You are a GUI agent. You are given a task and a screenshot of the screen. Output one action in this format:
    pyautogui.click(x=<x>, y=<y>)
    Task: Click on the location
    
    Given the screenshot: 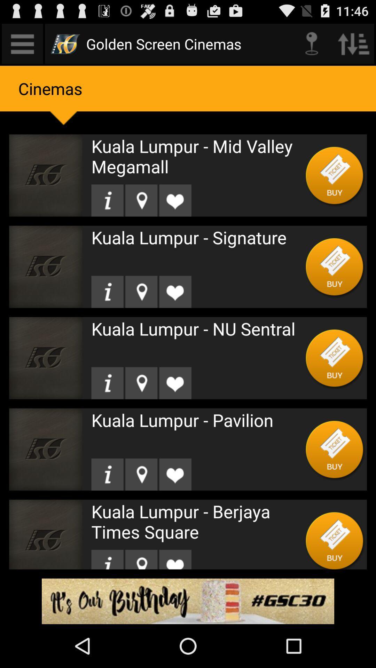 What is the action you would take?
    pyautogui.click(x=141, y=474)
    